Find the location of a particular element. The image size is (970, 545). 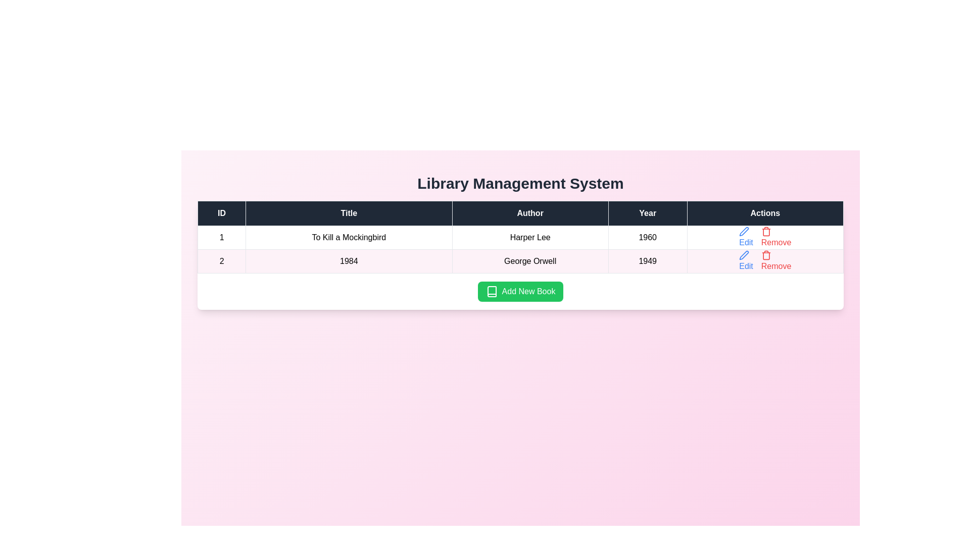

the text display element showing the name 'George Orwell', which is located in the 'Author' column of the second row of the data table for the book '1984' is located at coordinates (529, 260).